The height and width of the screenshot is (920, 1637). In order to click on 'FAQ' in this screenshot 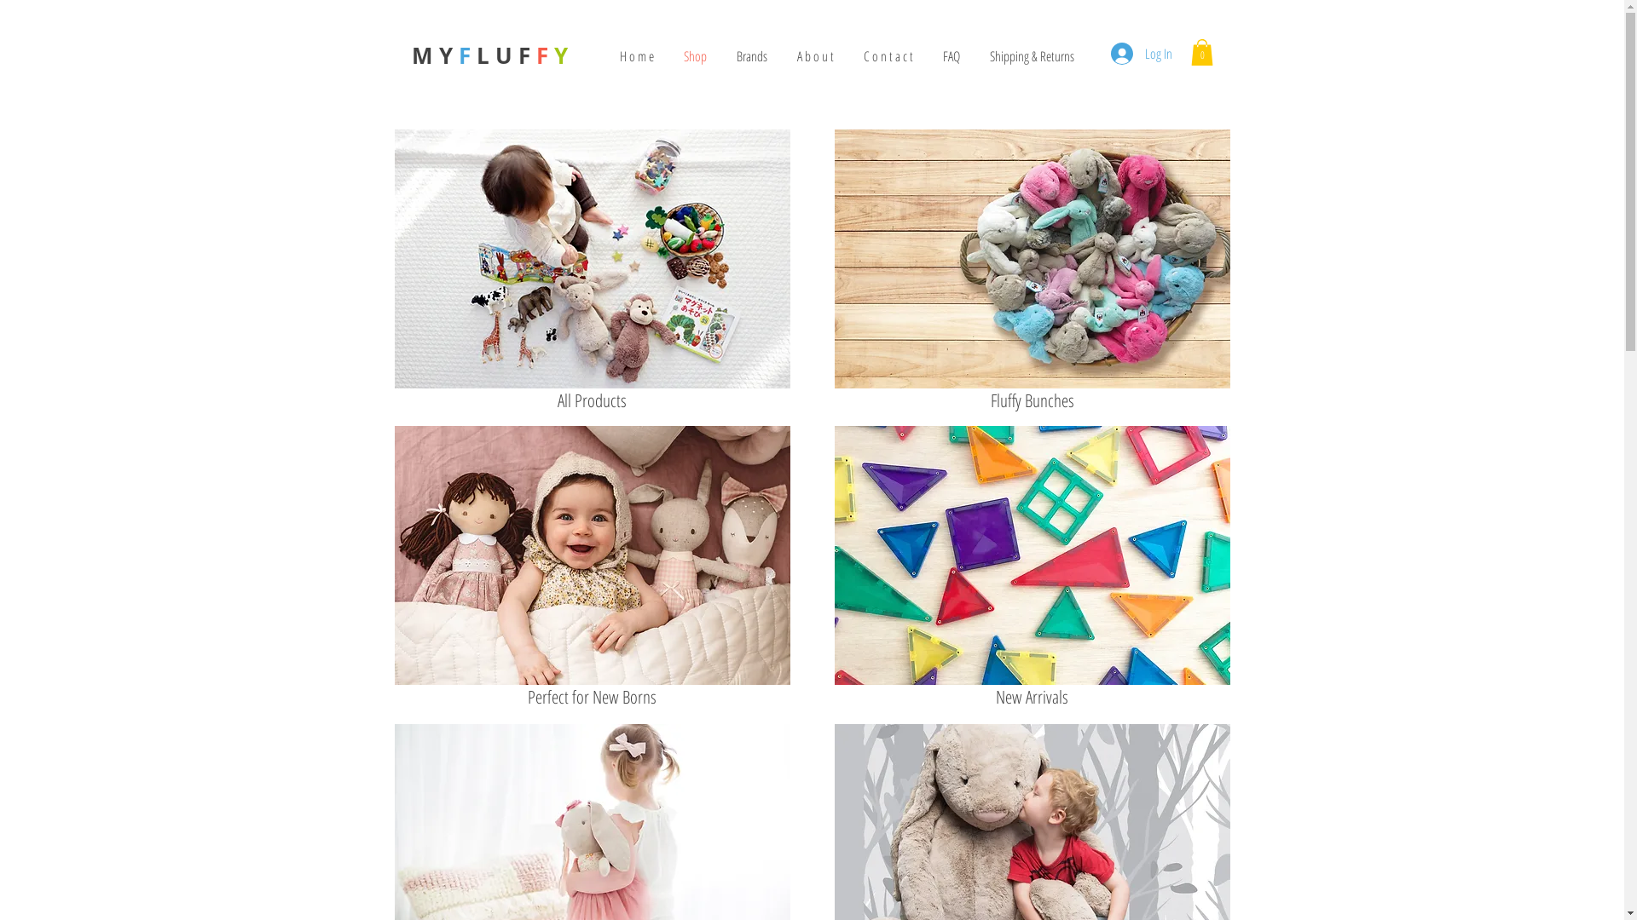, I will do `click(950, 55)`.